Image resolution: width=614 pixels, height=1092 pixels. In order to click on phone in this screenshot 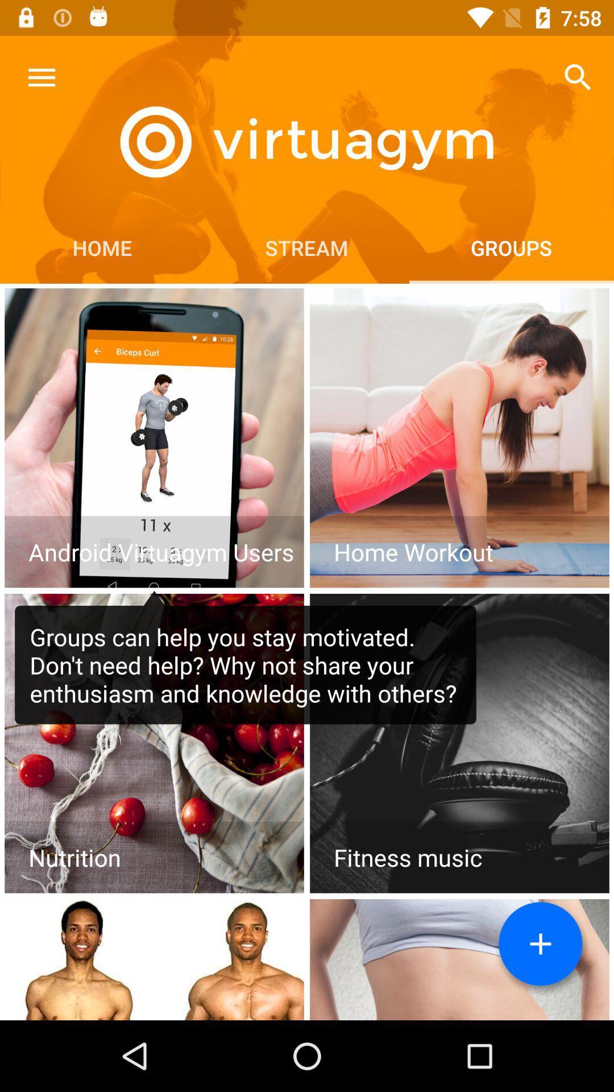, I will do `click(154, 437)`.